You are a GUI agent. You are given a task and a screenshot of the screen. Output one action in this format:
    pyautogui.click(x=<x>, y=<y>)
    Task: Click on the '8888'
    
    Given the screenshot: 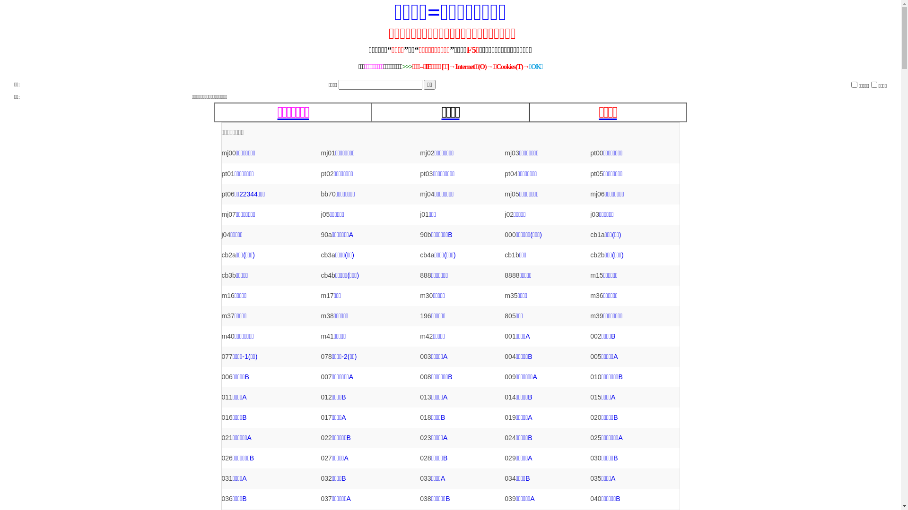 What is the action you would take?
    pyautogui.click(x=504, y=275)
    